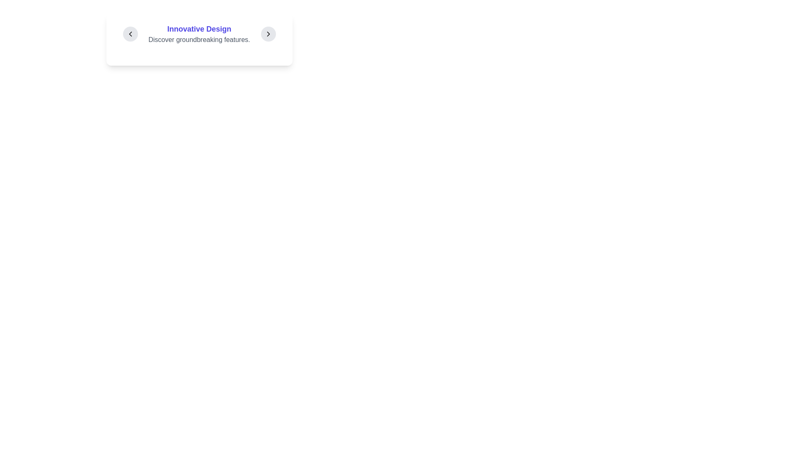 The image size is (798, 449). I want to click on the Informative Card displaying 'Innovative Design' in bold indigo font and the subtitle 'Discover groundbreaking features.', so click(199, 39).